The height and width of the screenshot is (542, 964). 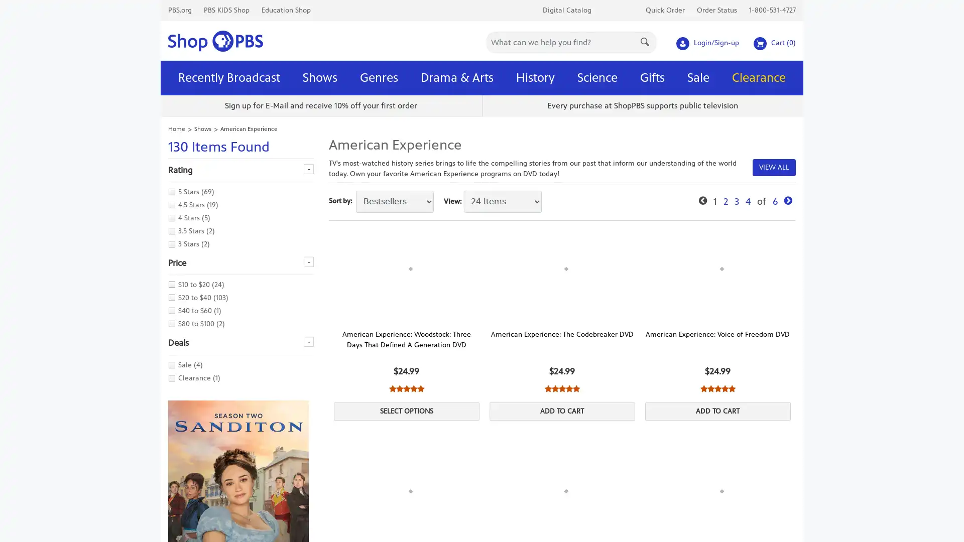 I want to click on Close, so click(x=621, y=10).